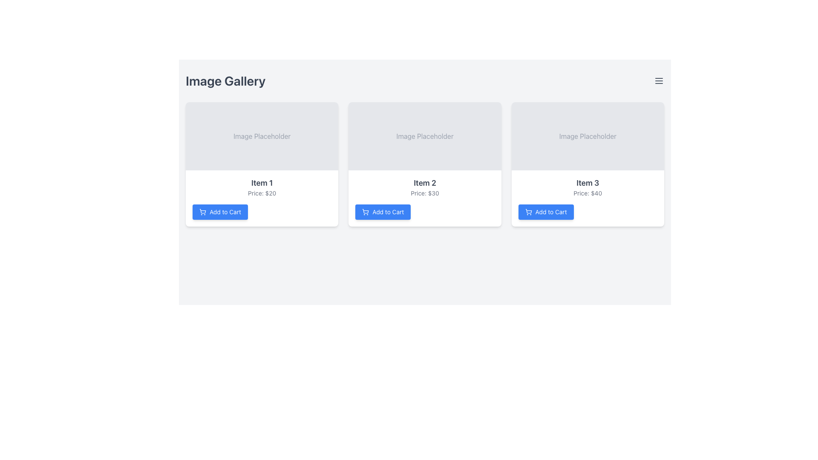 This screenshot has width=818, height=460. I want to click on the second product card in the gallery, so click(425, 198).